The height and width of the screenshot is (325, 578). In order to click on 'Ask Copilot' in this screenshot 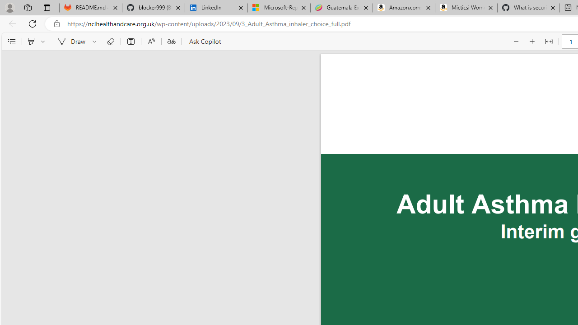, I will do `click(204, 42)`.